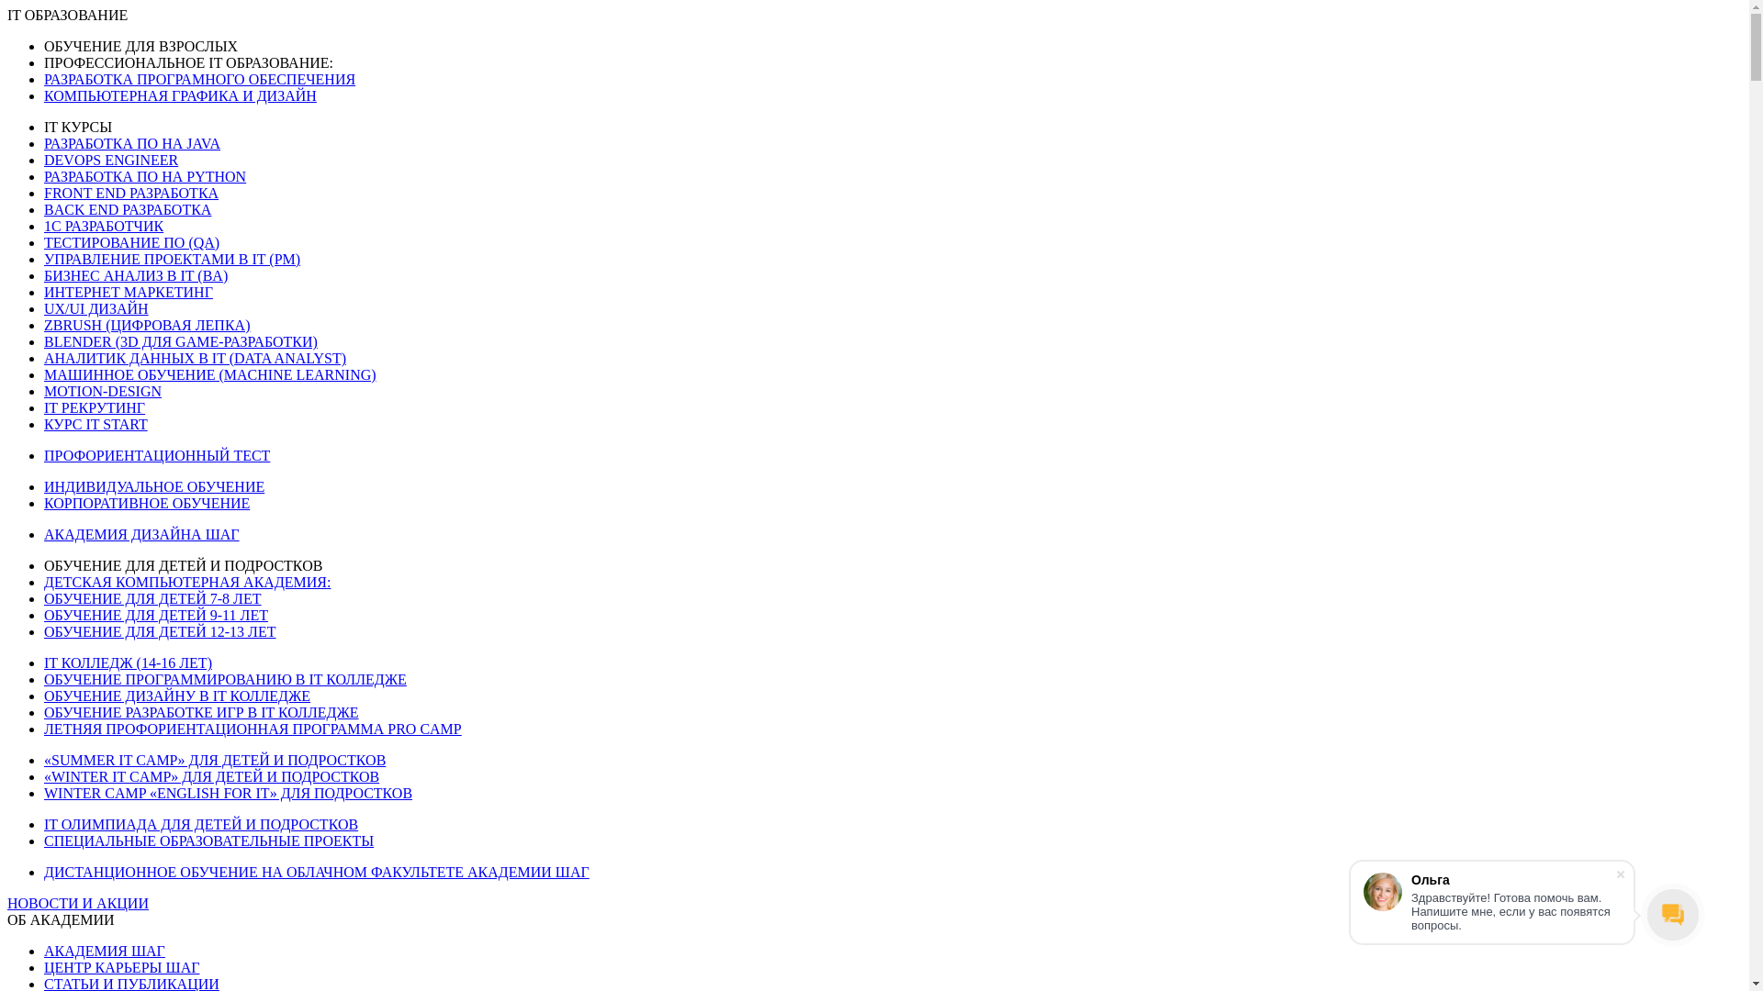 The width and height of the screenshot is (1763, 991). What do you see at coordinates (101, 390) in the screenshot?
I see `'MOTION-DESIGN'` at bounding box center [101, 390].